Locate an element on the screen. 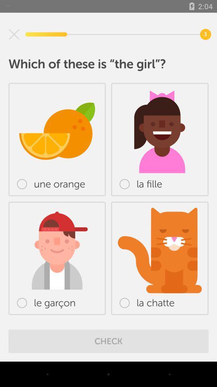 The width and height of the screenshot is (217, 387). page is located at coordinates (14, 34).